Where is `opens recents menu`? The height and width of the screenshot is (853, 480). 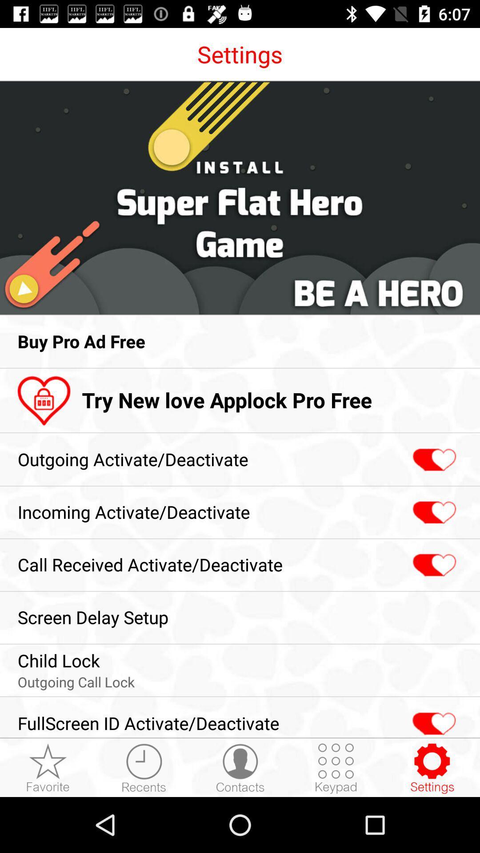 opens recents menu is located at coordinates (144, 768).